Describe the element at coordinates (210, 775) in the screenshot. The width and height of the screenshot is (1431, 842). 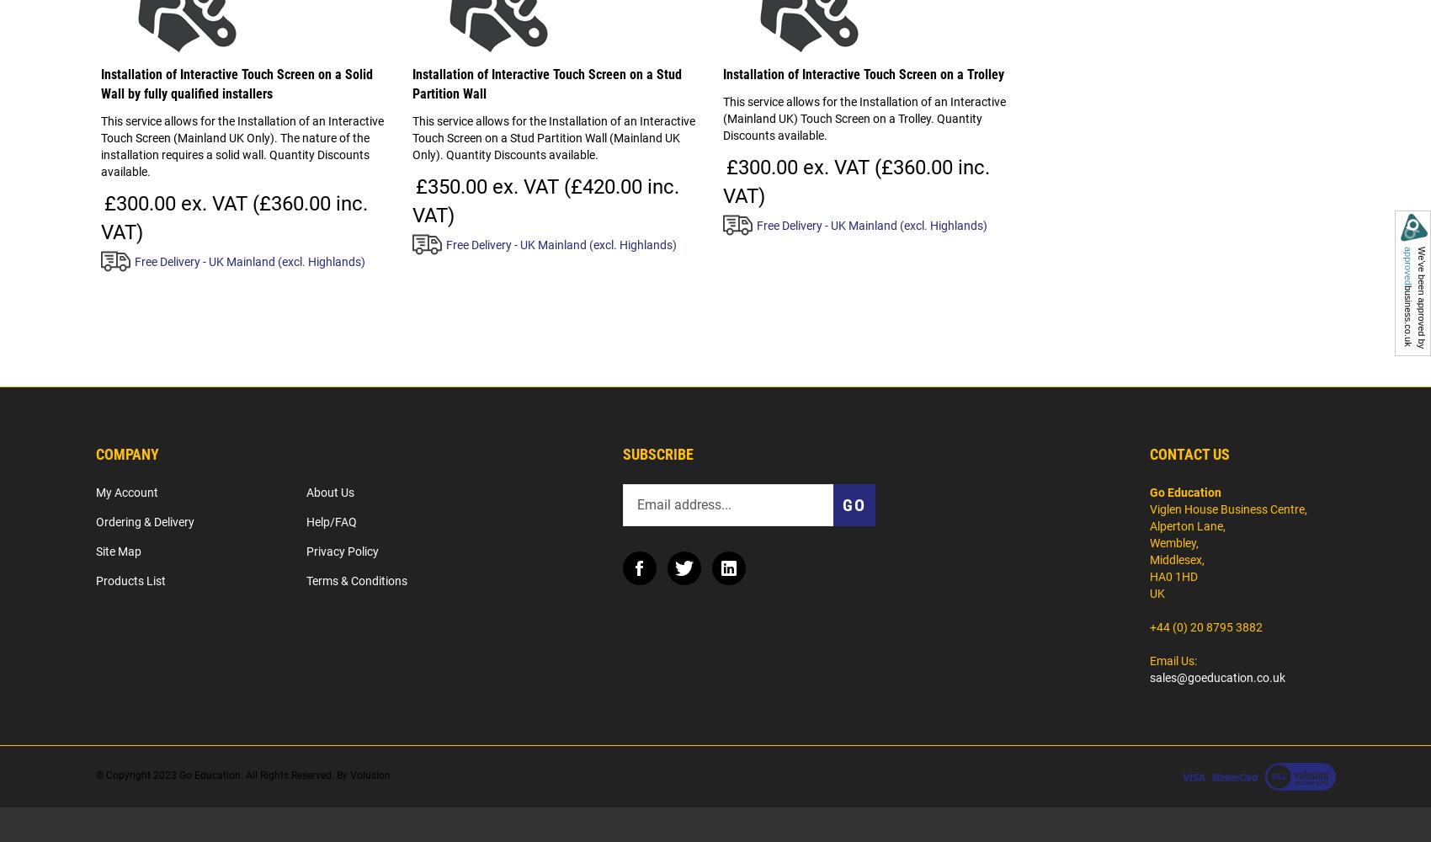
I see `'Go Education.'` at that location.